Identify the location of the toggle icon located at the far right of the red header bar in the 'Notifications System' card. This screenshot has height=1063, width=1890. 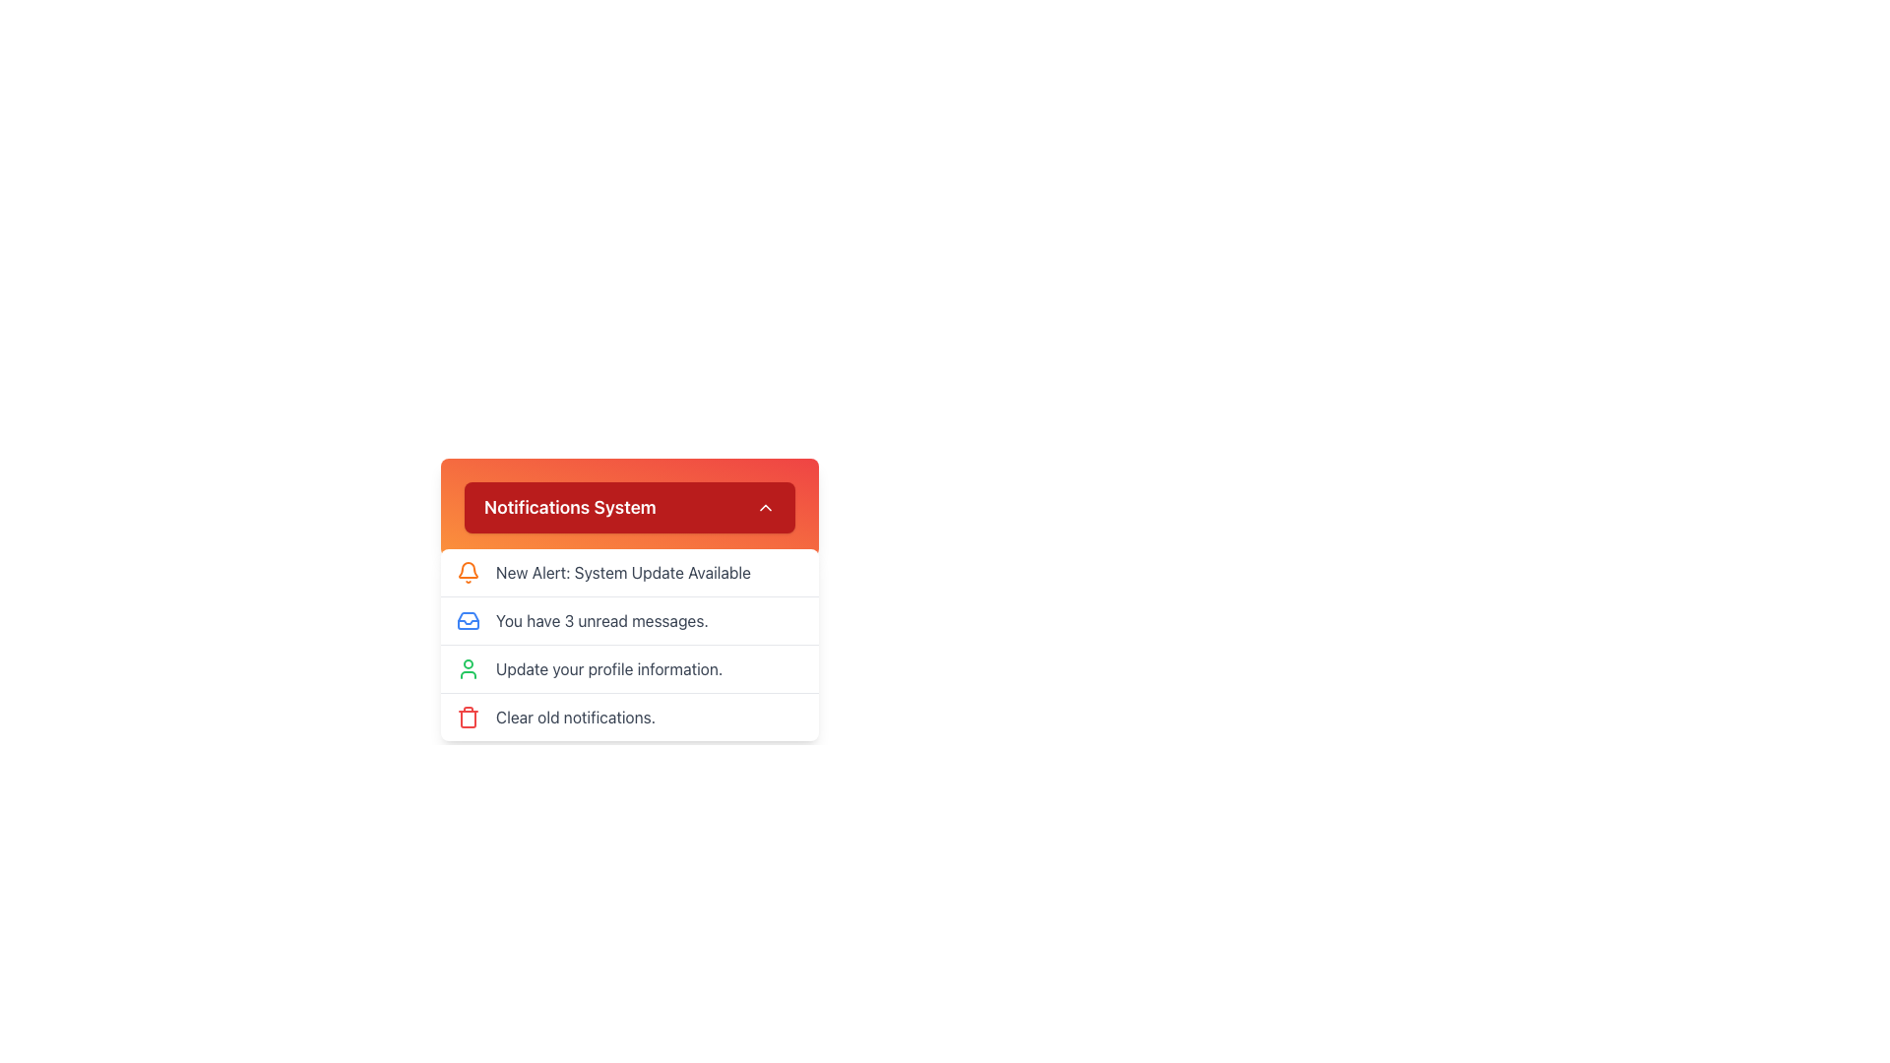
(764, 507).